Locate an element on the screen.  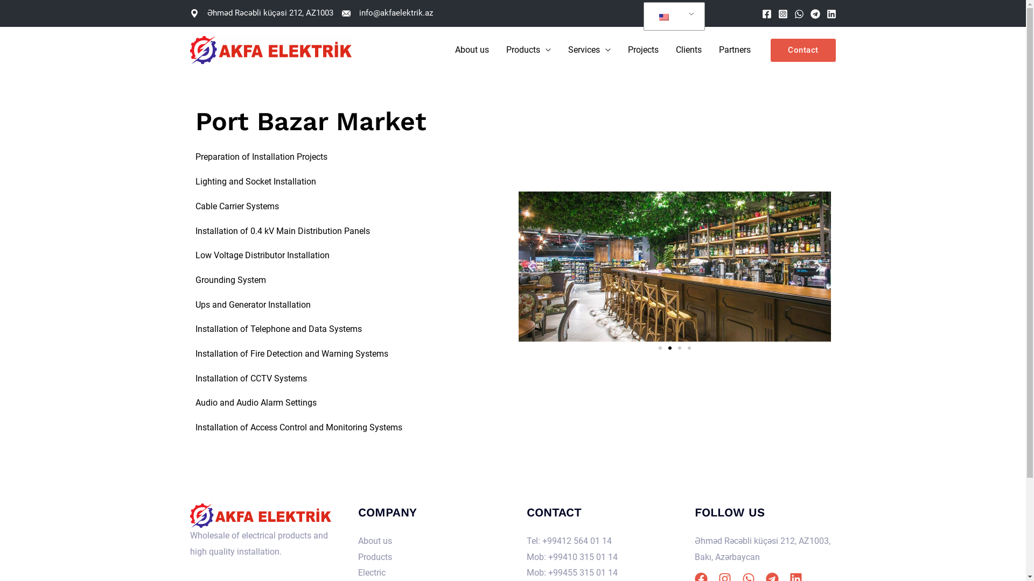
'Mob: +99455 315 01 14' is located at coordinates (571, 572).